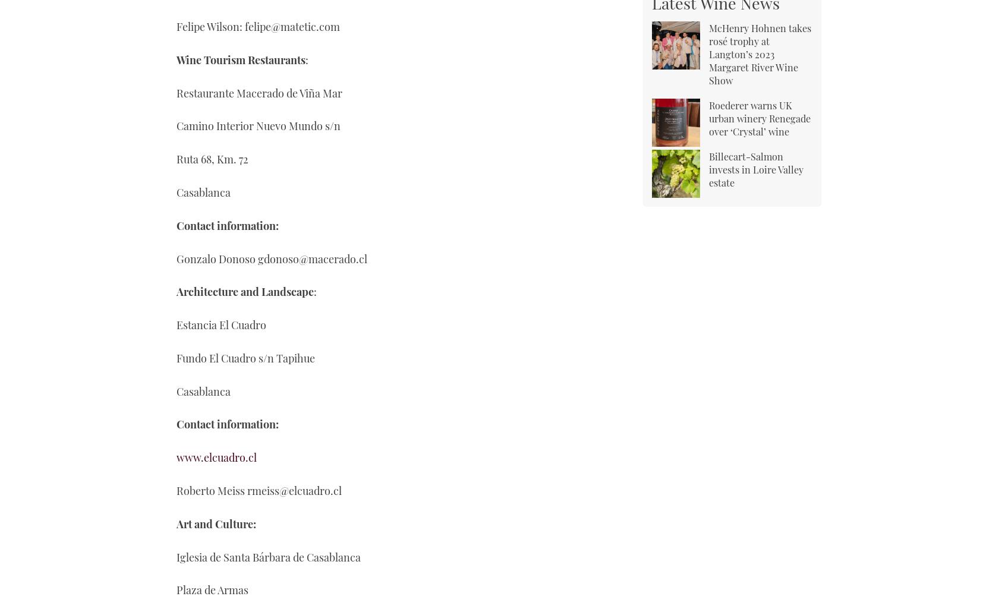  What do you see at coordinates (258, 26) in the screenshot?
I see `'Felipe Wilson: felipe@matetic.com'` at bounding box center [258, 26].